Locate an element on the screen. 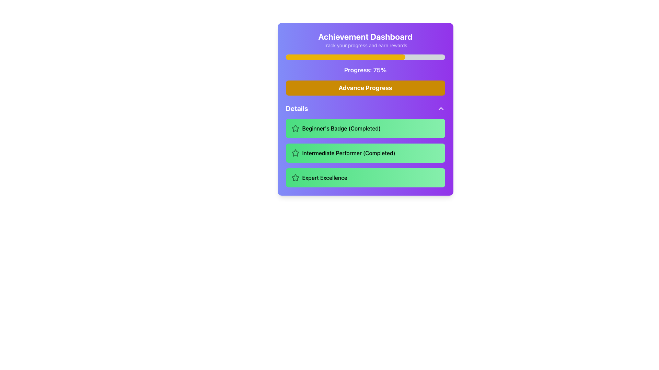  the 'Intermediate Performer (Completed)' badge in the Achievement Dashboard panel, which is the second item in the list of achievements is located at coordinates (365, 145).